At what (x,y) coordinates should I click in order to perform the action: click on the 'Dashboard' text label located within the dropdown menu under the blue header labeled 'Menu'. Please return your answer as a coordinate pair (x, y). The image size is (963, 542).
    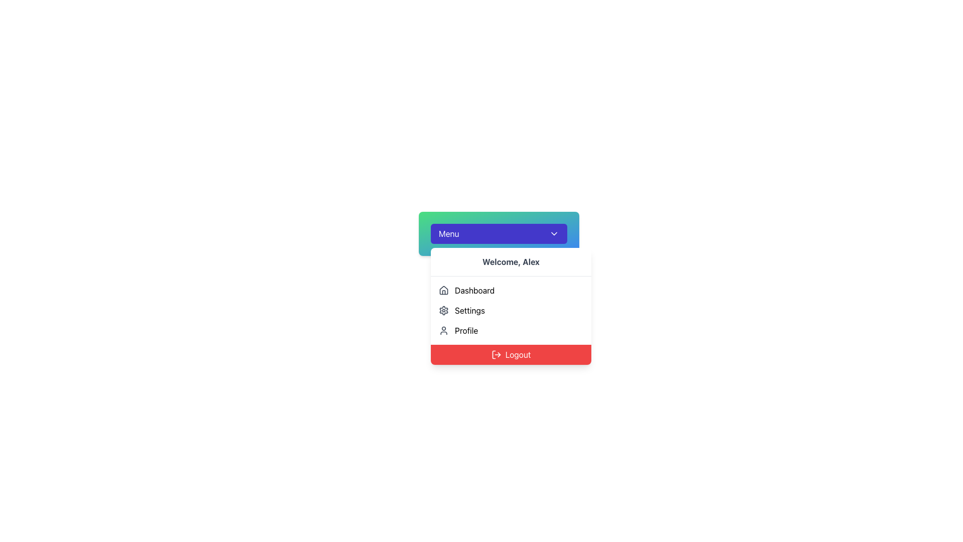
    Looking at the image, I should click on (474, 290).